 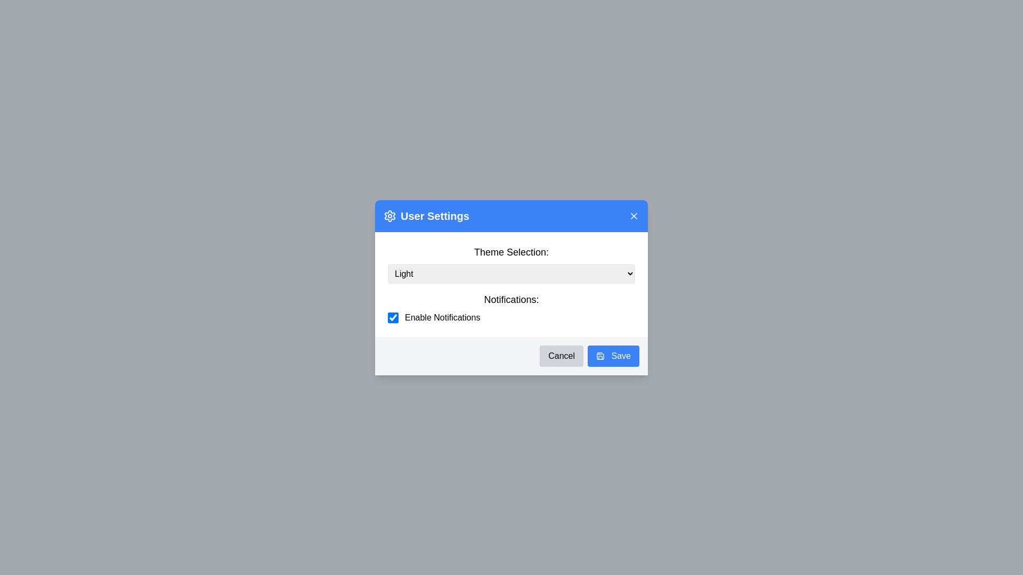 What do you see at coordinates (613, 356) in the screenshot?
I see `the save button located at the bottom-right corner of the dialog box` at bounding box center [613, 356].